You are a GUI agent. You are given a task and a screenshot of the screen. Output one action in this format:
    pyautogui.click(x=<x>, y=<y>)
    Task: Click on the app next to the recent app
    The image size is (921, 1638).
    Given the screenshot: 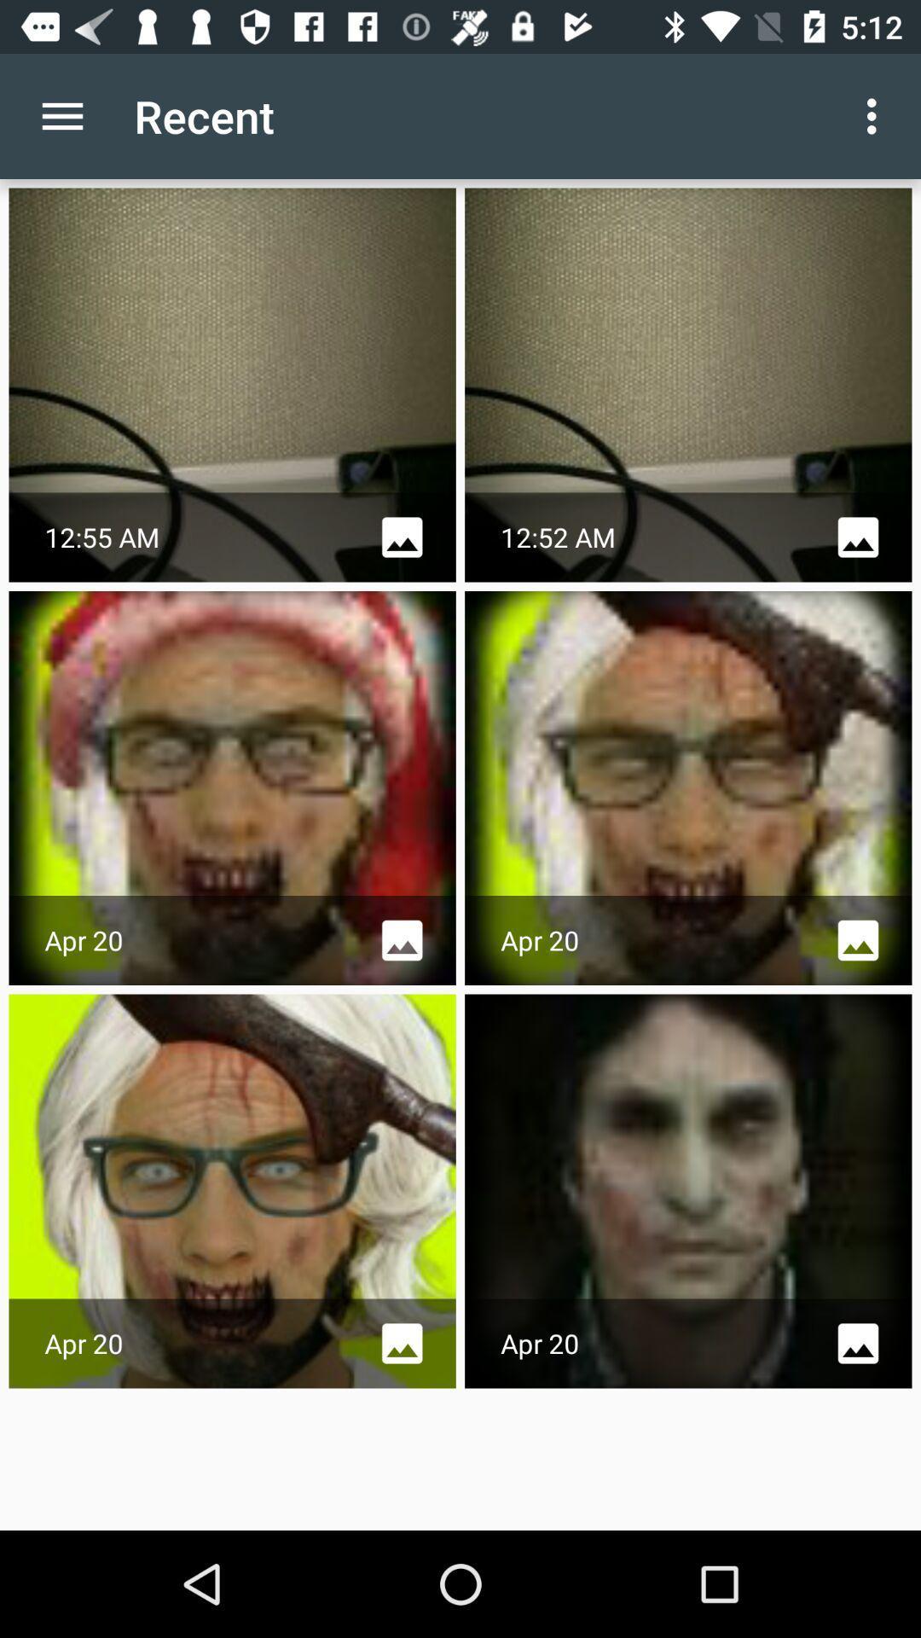 What is the action you would take?
    pyautogui.click(x=876, y=115)
    